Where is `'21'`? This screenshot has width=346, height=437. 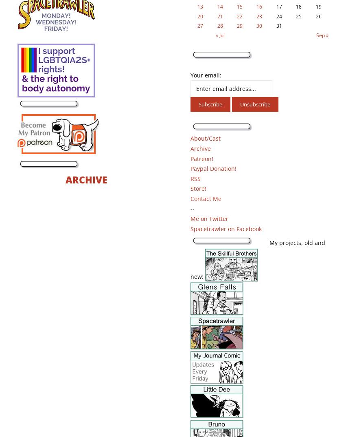 '21' is located at coordinates (217, 15).